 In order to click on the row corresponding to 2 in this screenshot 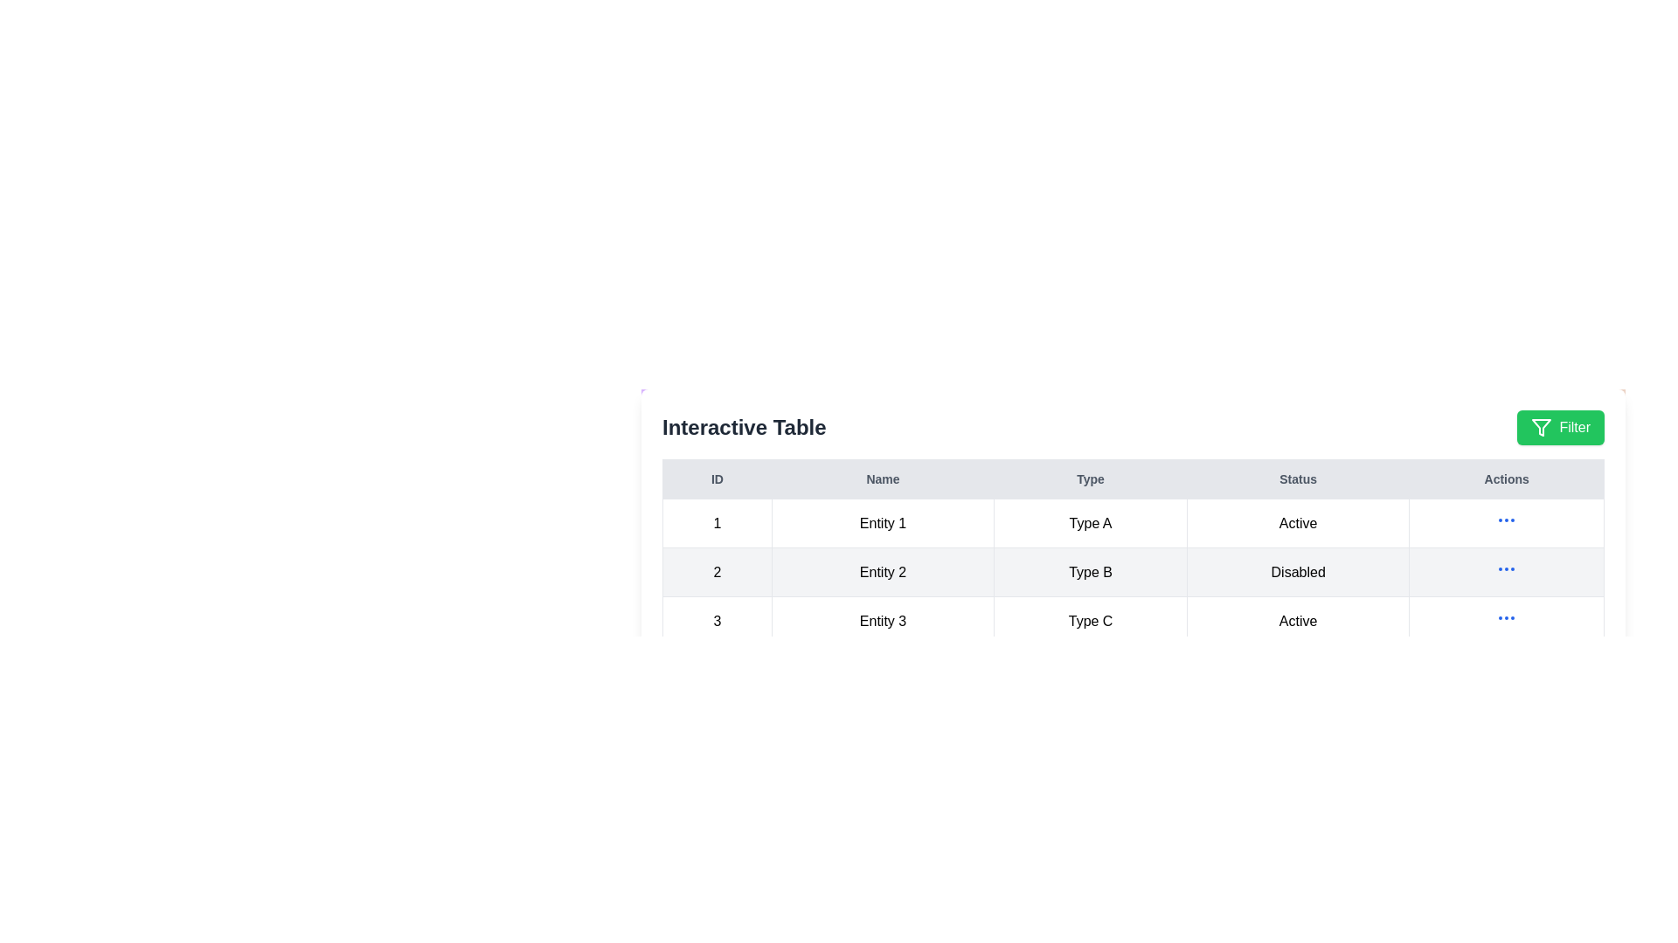, I will do `click(1133, 572)`.